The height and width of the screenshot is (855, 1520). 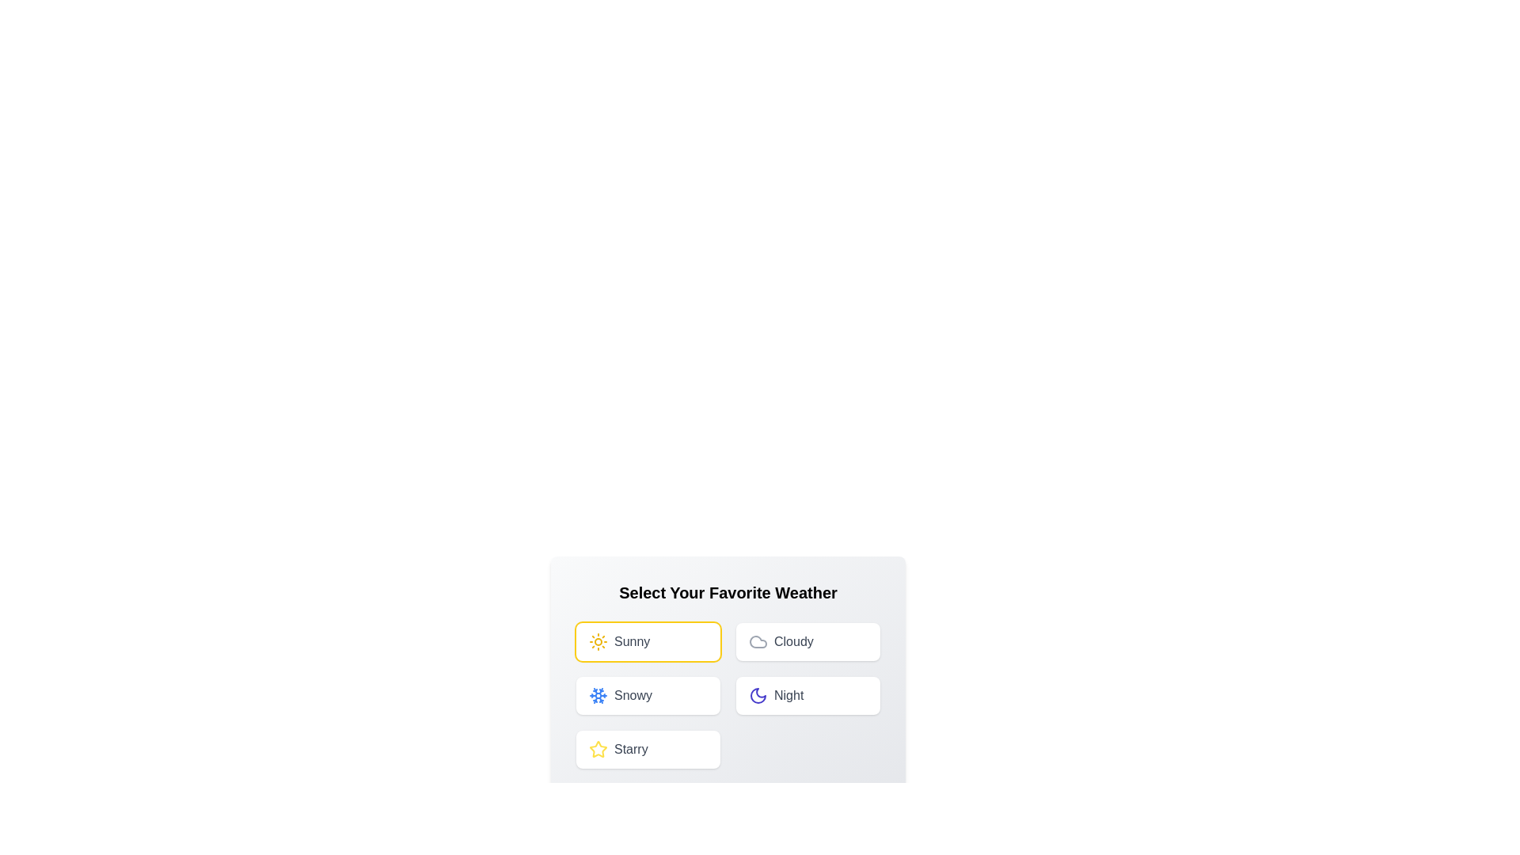 What do you see at coordinates (631, 641) in the screenshot?
I see `the 'Sunny' weather label, which is located inside a rectangular selection box and contributes to the user's understanding of the associated interactive component` at bounding box center [631, 641].